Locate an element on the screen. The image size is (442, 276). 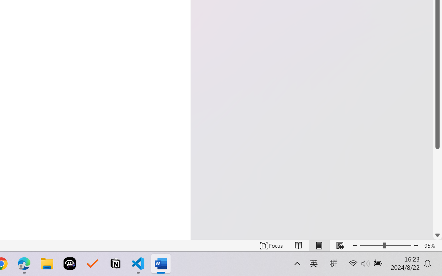
'Line down' is located at coordinates (437, 235).